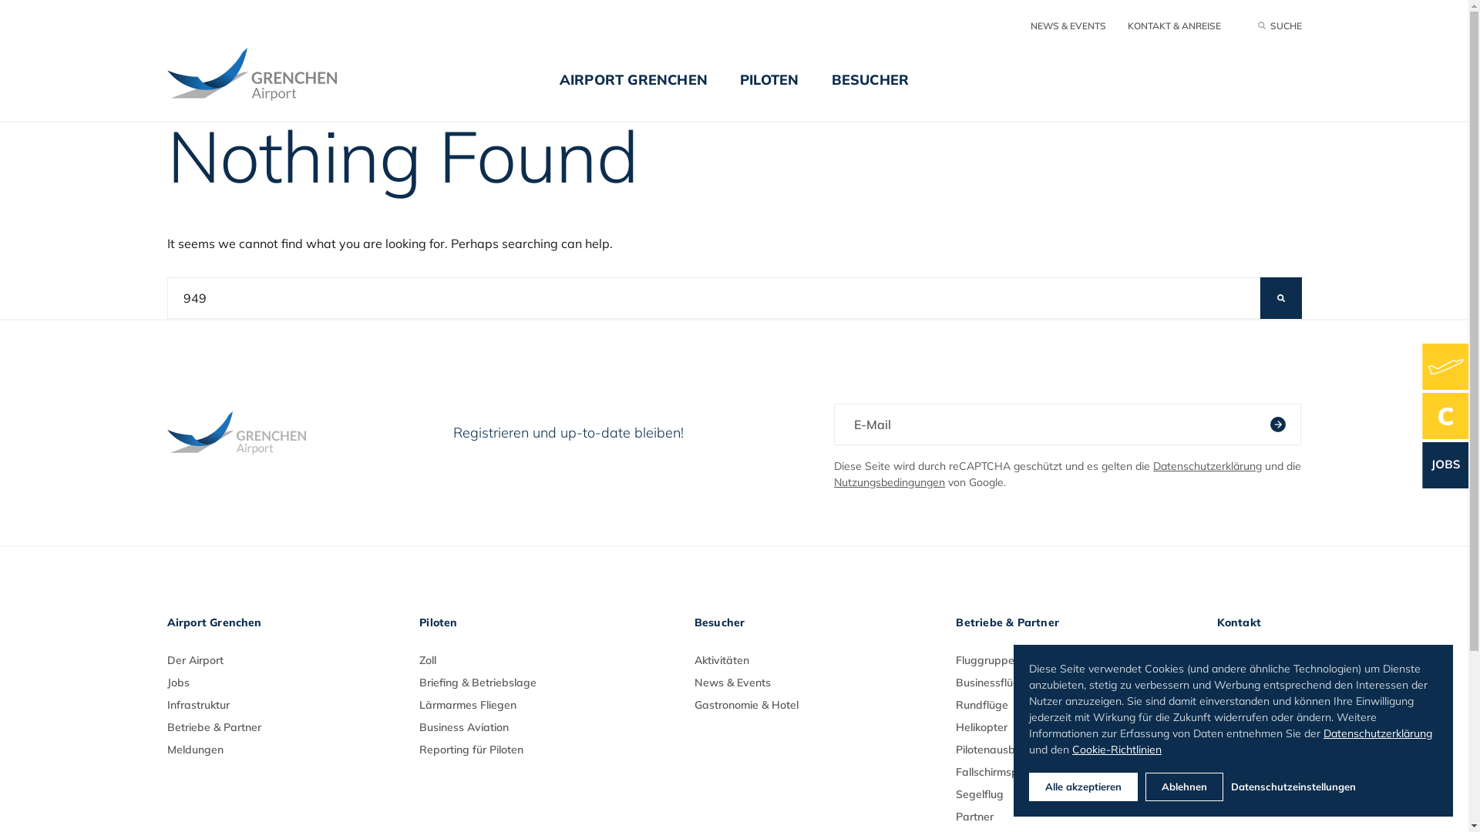  Describe the element at coordinates (193, 659) in the screenshot. I see `'Der Airport'` at that location.